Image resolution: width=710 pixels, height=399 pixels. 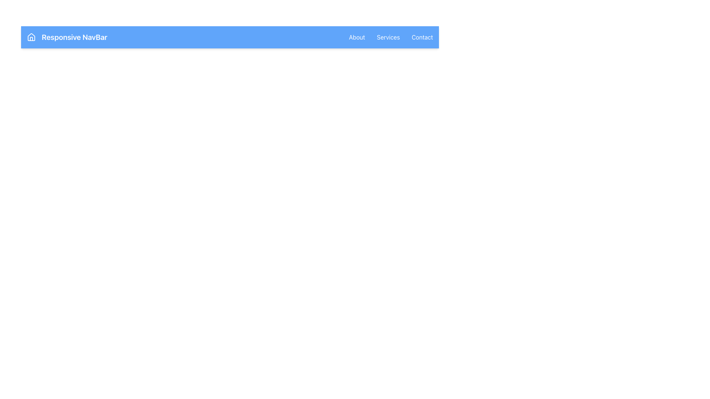 What do you see at coordinates (31, 37) in the screenshot?
I see `the small white house icon` at bounding box center [31, 37].